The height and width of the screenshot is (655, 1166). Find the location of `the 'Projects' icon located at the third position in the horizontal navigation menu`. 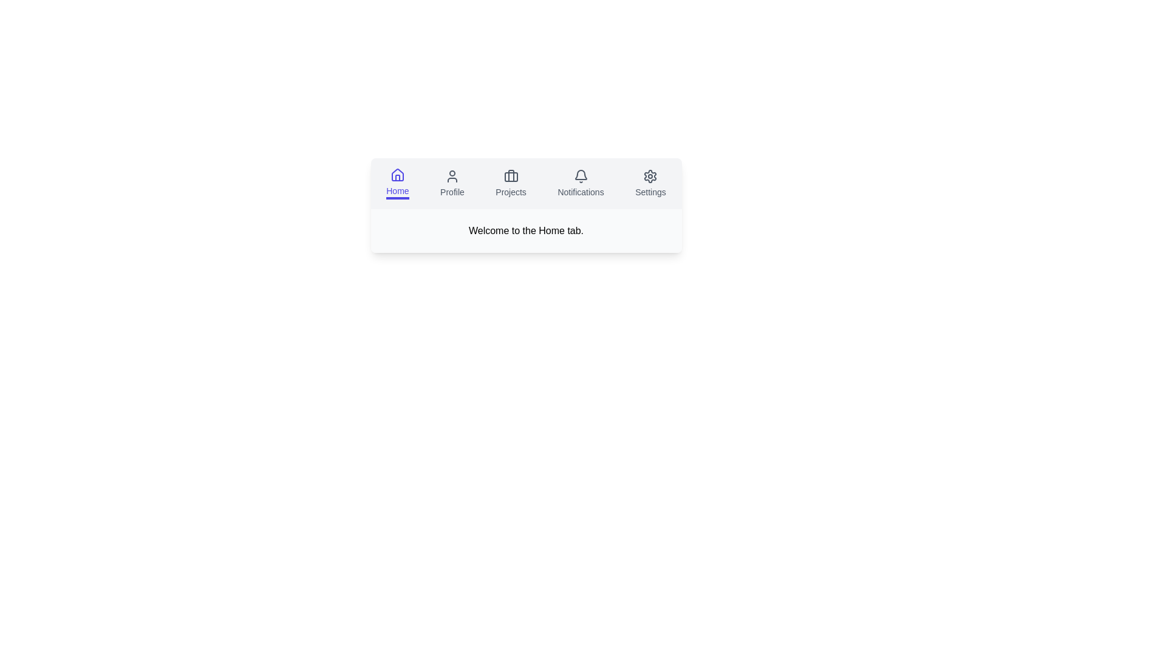

the 'Projects' icon located at the third position in the horizontal navigation menu is located at coordinates (511, 176).